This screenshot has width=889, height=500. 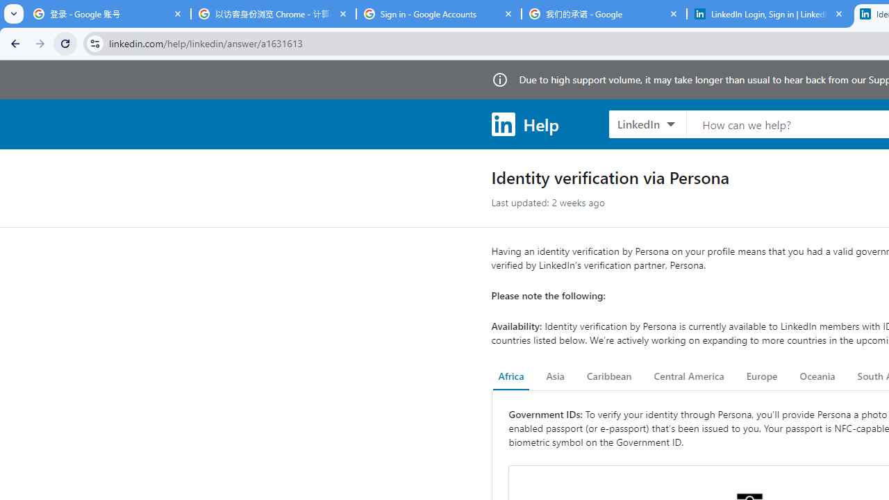 I want to click on 'Asia', so click(x=554, y=376).